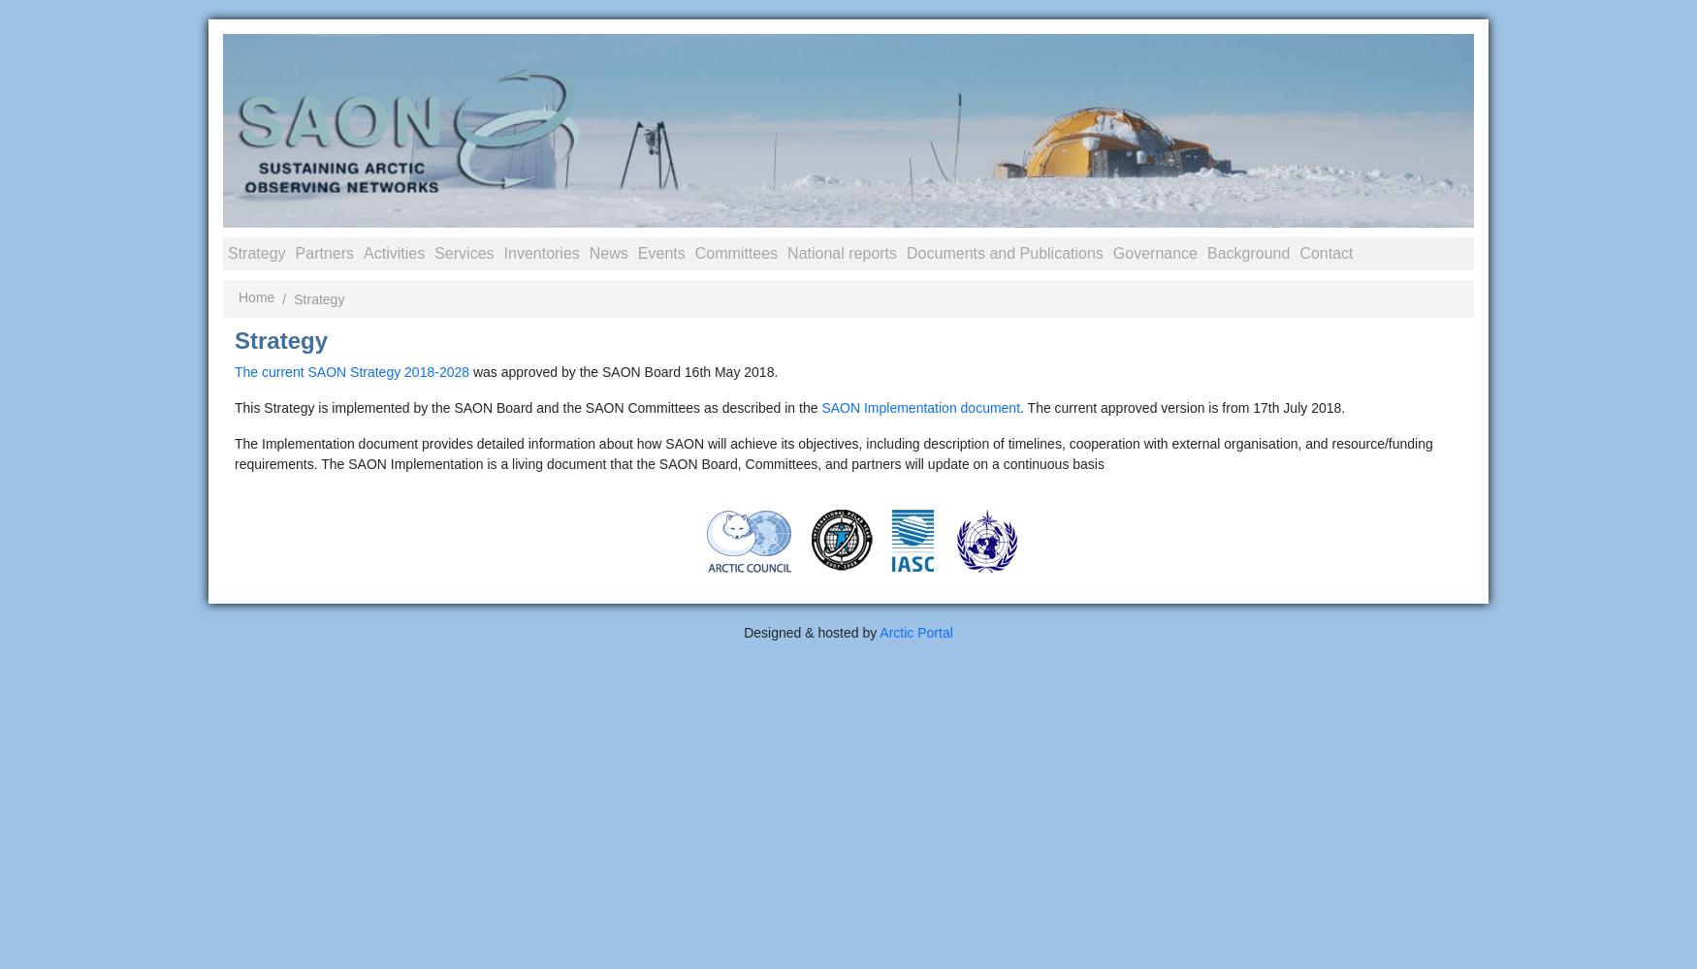 This screenshot has height=969, width=1697. Describe the element at coordinates (622, 372) in the screenshot. I see `'was approved by the SAON Board 16th May 2018.'` at that location.